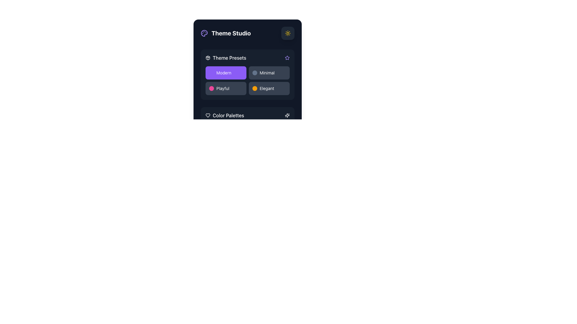  I want to click on the 'Minimal' button in the 'Theme Presets' section, so click(269, 73).